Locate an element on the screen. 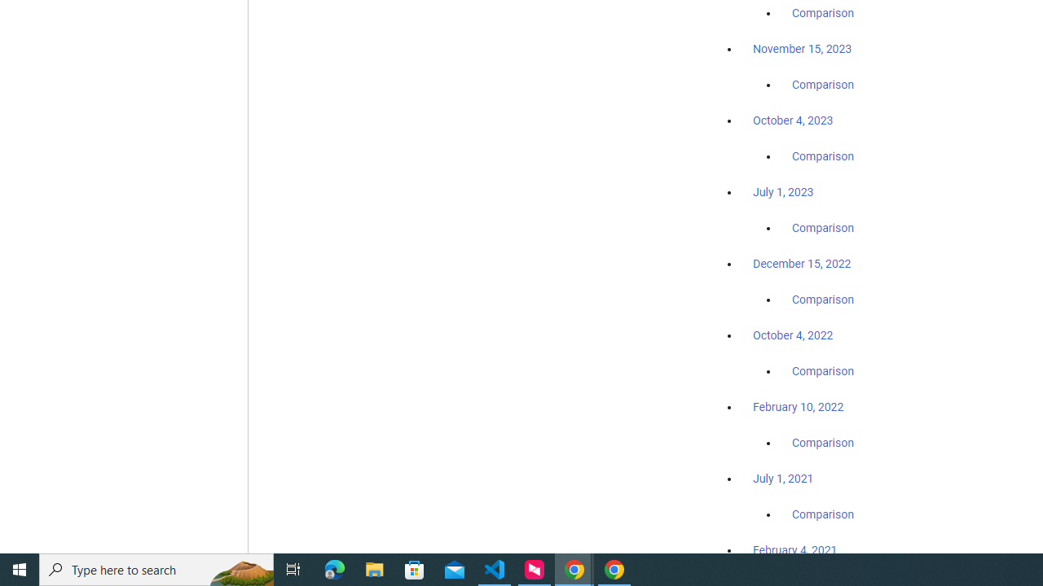  'February 4, 2021' is located at coordinates (795, 549).